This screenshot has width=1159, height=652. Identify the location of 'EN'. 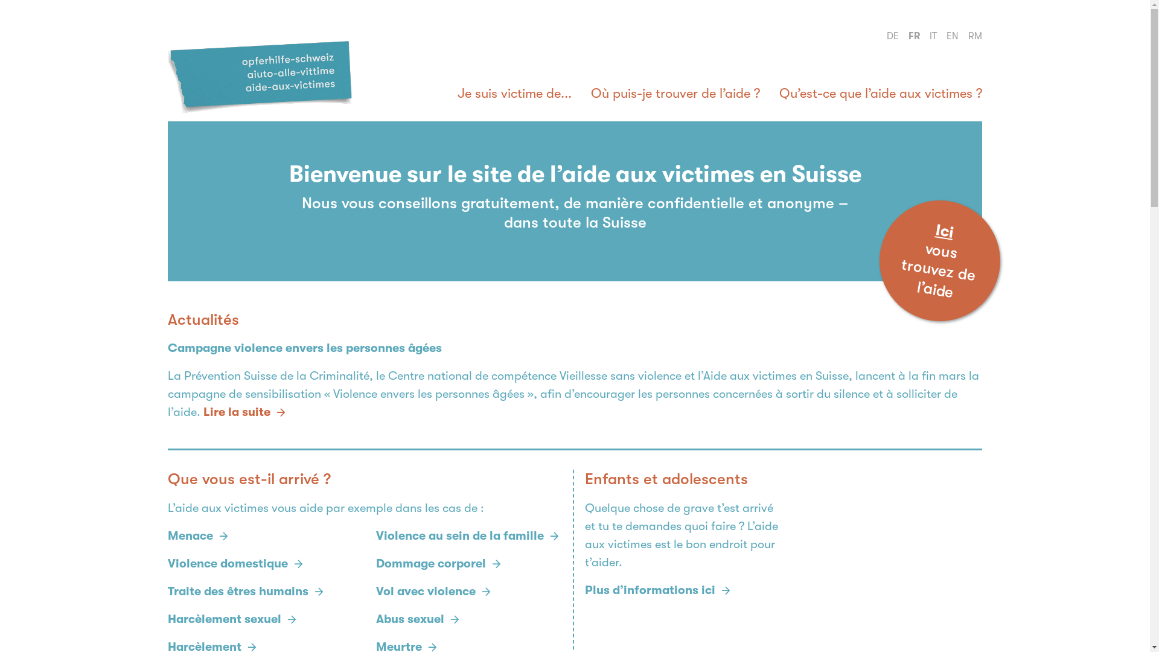
(952, 36).